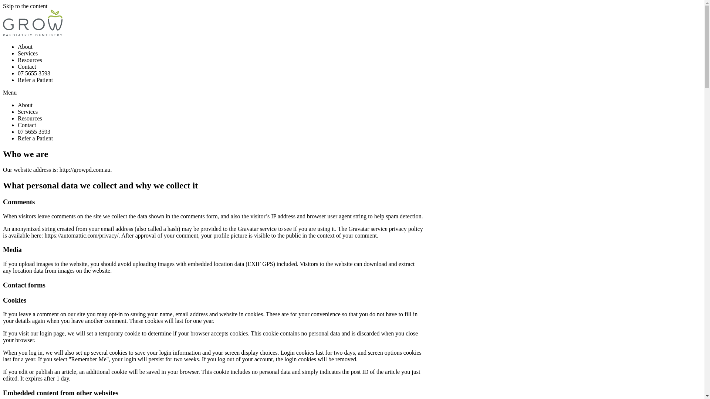 Image resolution: width=710 pixels, height=399 pixels. I want to click on 'Refer a Patient', so click(35, 80).